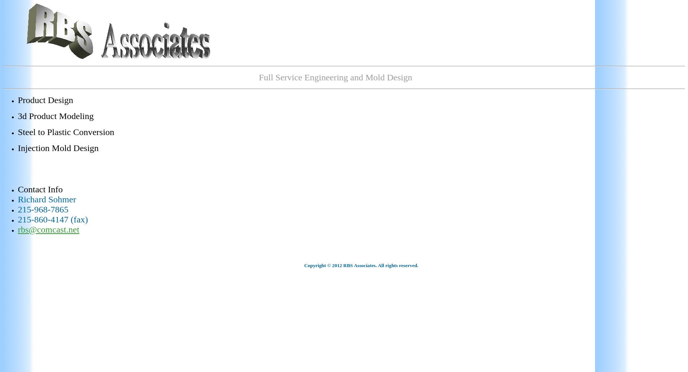 Image resolution: width=688 pixels, height=372 pixels. What do you see at coordinates (65, 132) in the screenshot?
I see `'Steel to Plastic Conversion'` at bounding box center [65, 132].